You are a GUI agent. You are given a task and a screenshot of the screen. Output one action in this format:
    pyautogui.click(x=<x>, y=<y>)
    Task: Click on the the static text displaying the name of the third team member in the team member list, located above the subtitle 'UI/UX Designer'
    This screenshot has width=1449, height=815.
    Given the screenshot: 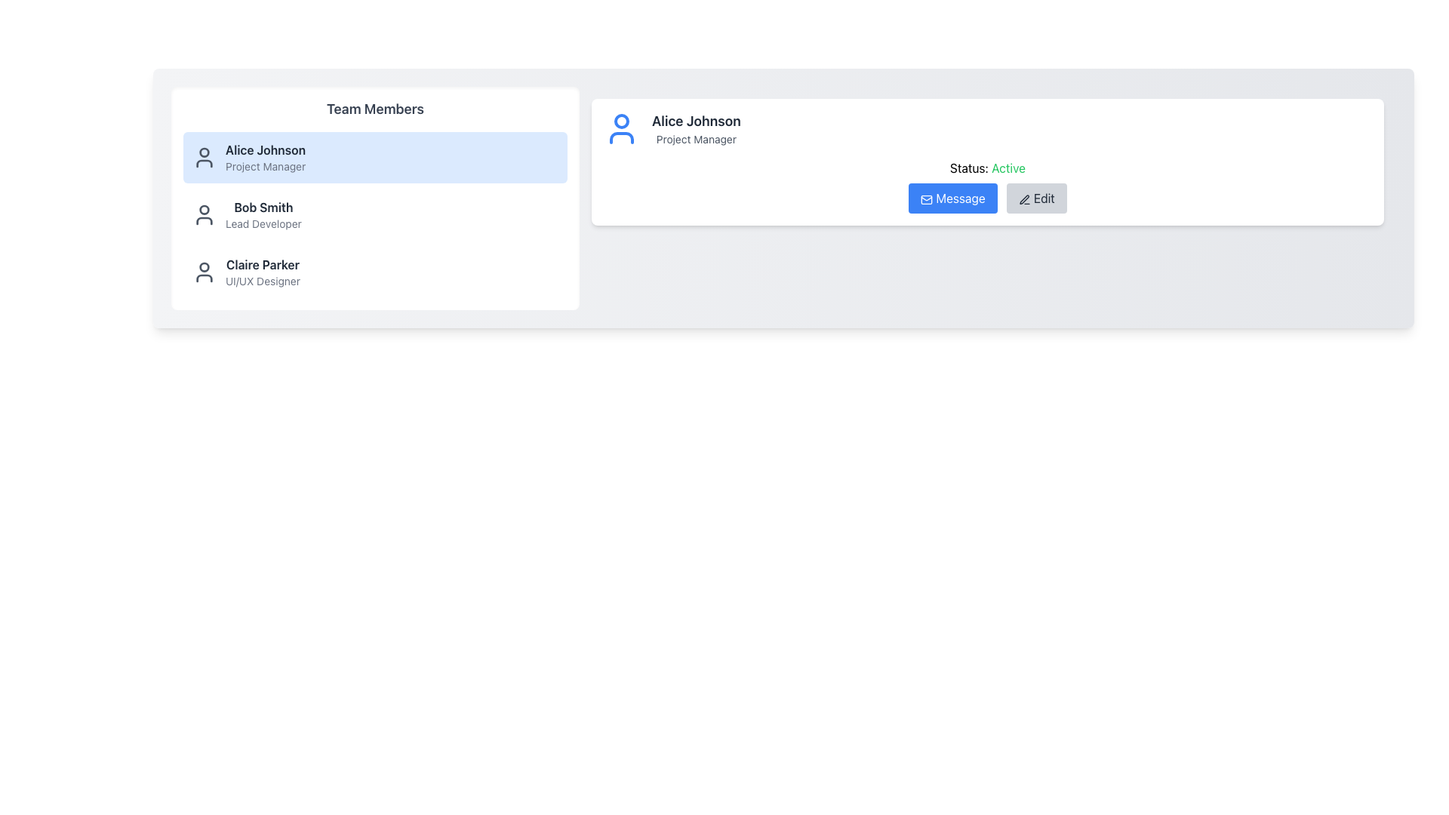 What is the action you would take?
    pyautogui.click(x=263, y=264)
    